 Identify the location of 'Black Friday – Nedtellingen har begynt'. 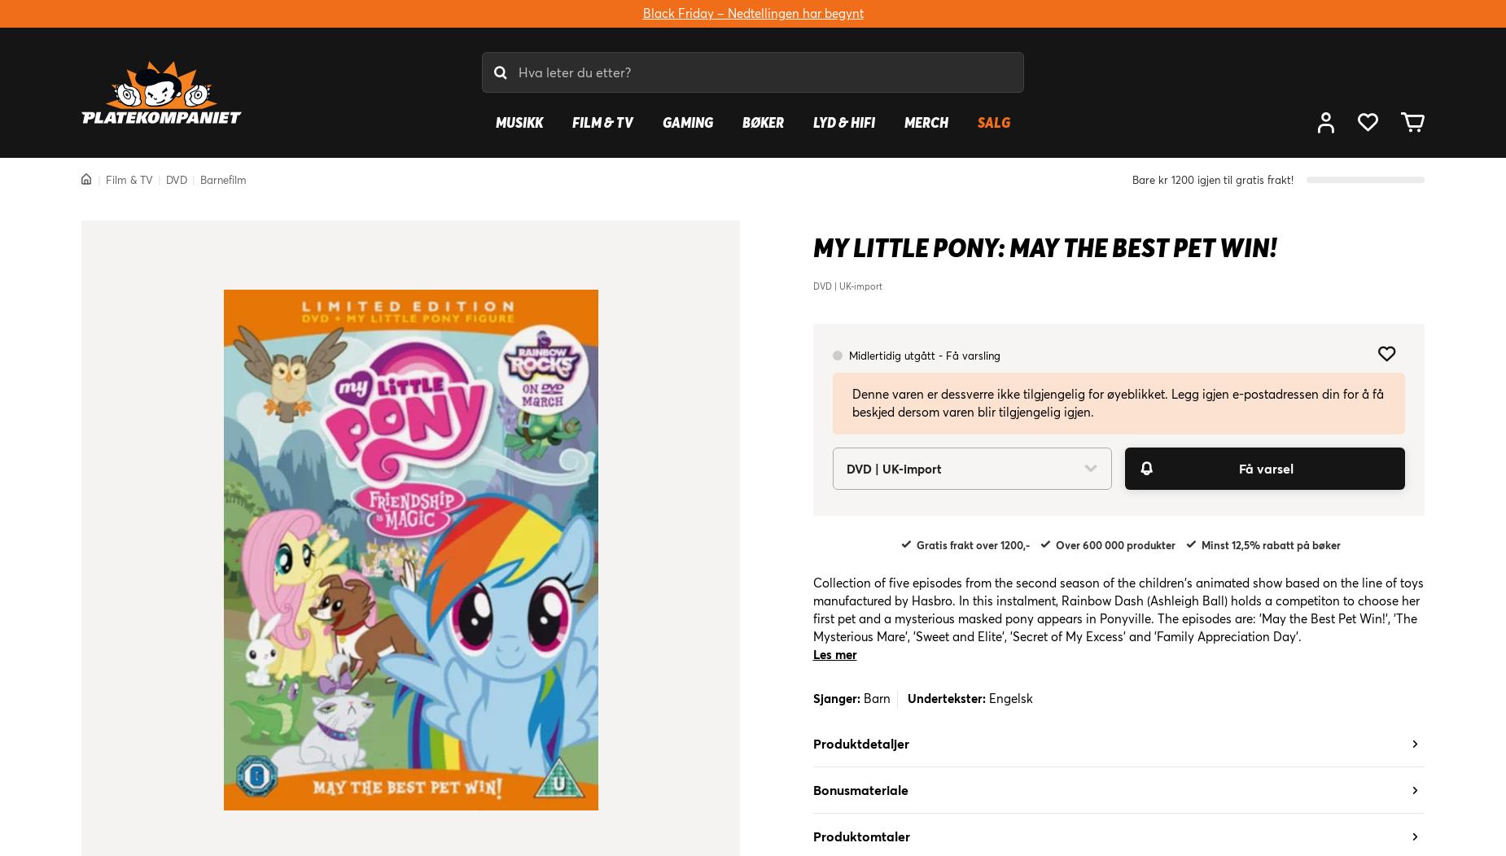
(752, 13).